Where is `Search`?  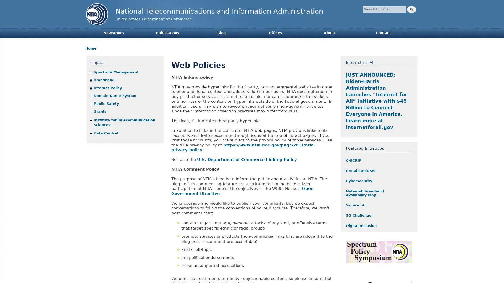
Search is located at coordinates (411, 9).